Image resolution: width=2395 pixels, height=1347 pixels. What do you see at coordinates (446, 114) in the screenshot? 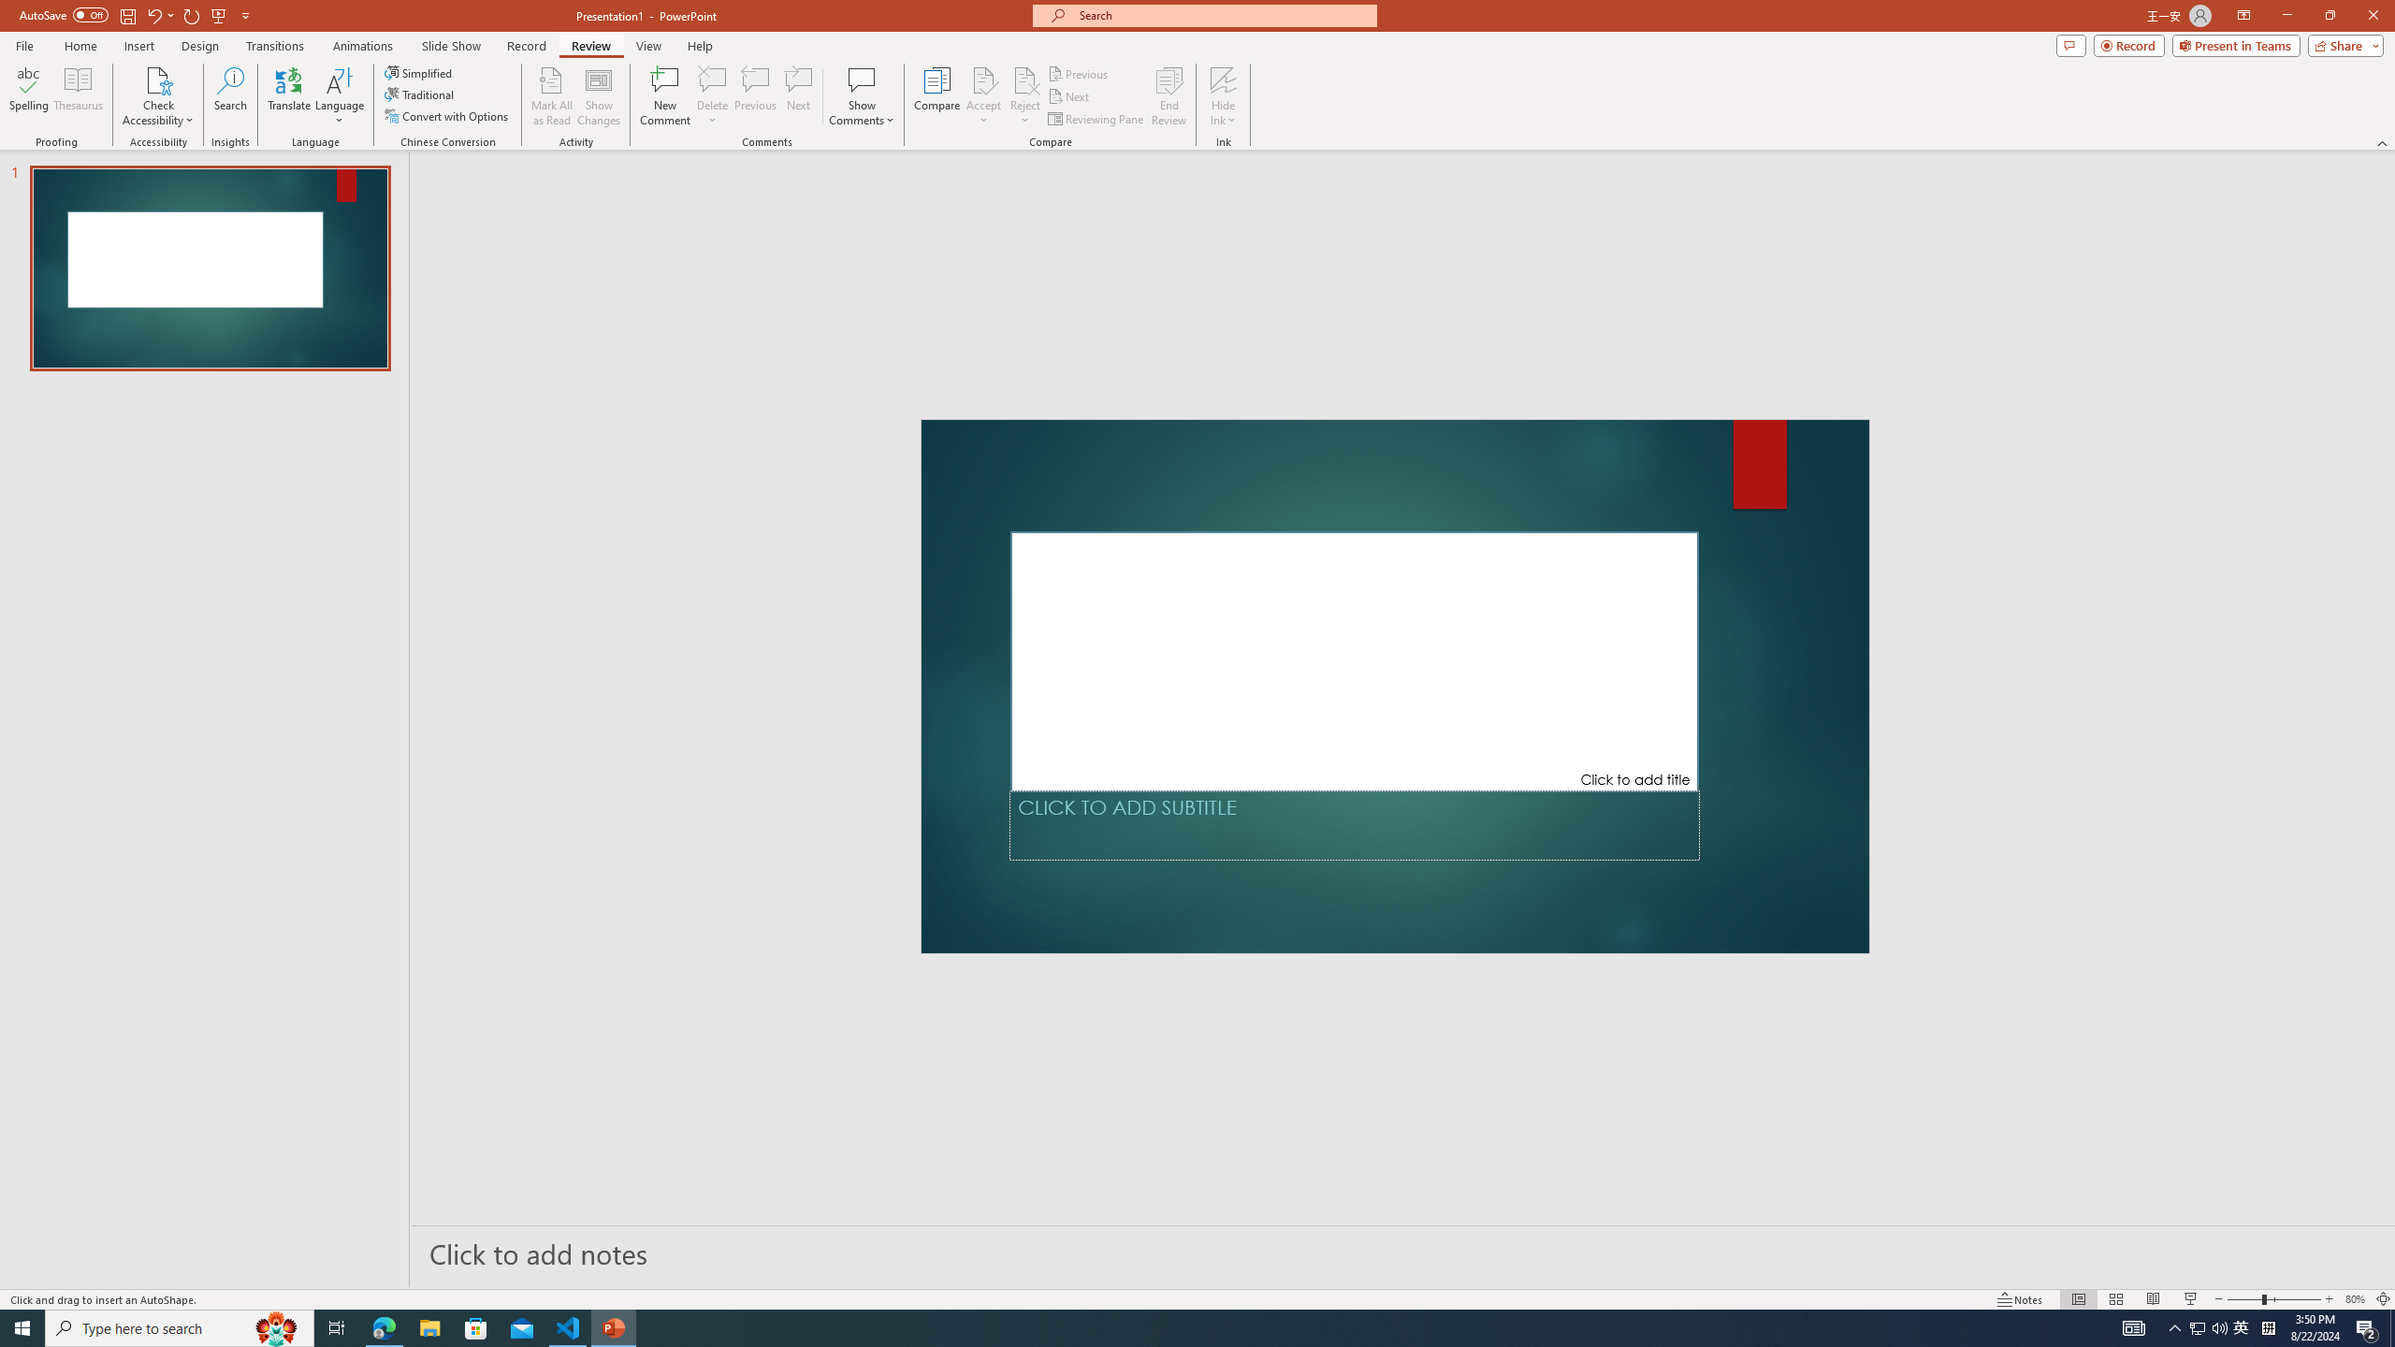
I see `'Convert with Options...'` at bounding box center [446, 114].